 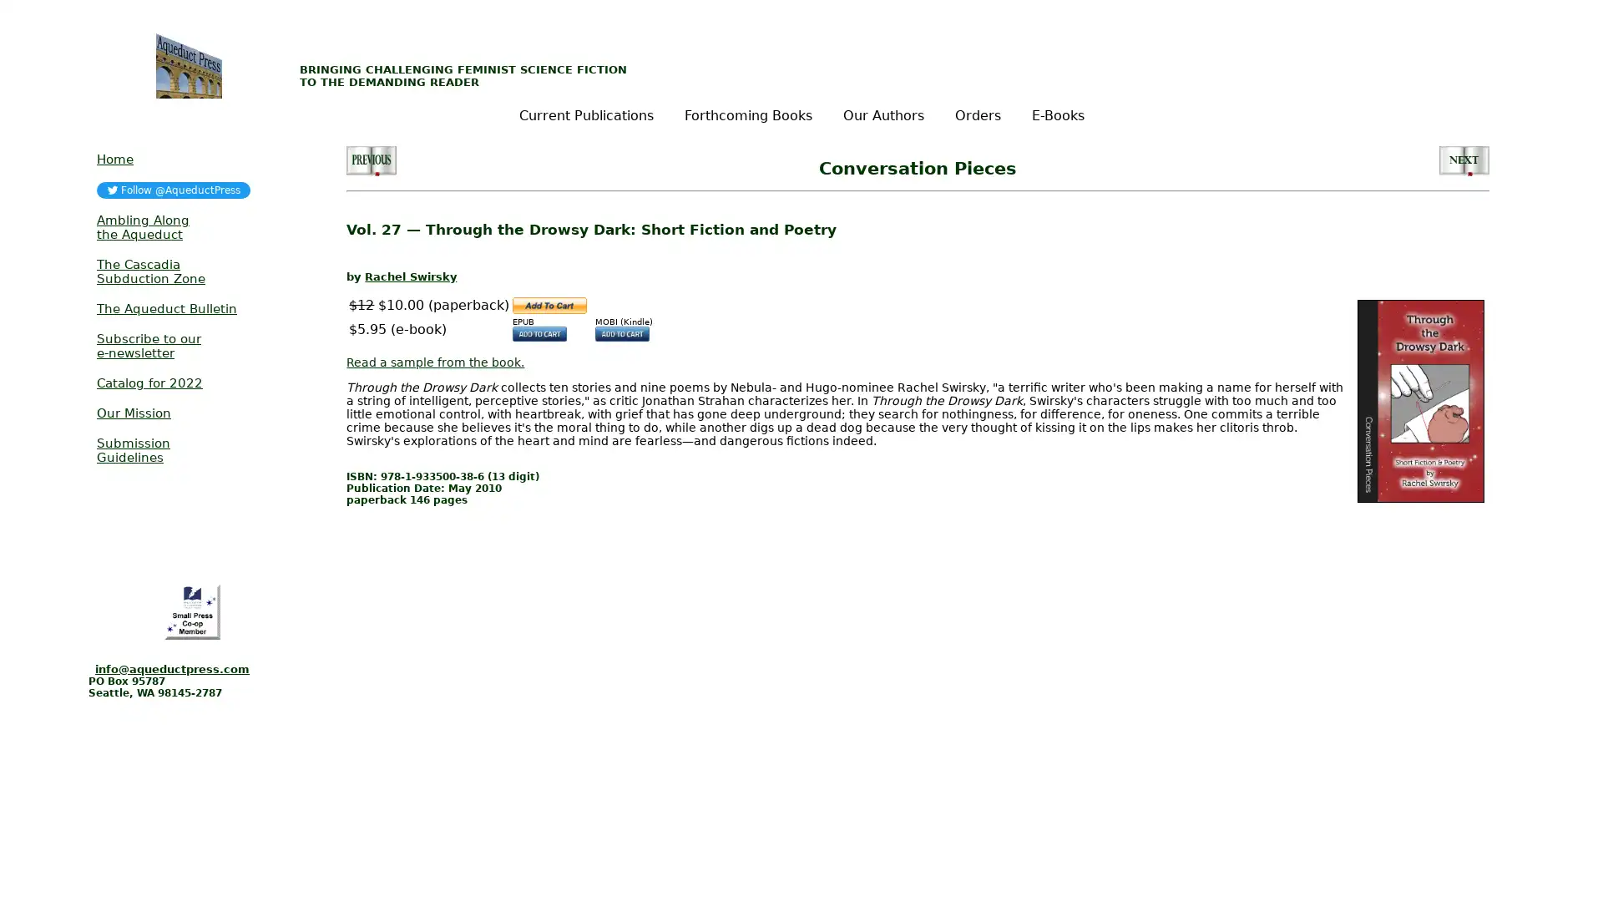 What do you see at coordinates (549, 305) in the screenshot?
I see `Make payments with PayPal - it\'s fast, free and secure!` at bounding box center [549, 305].